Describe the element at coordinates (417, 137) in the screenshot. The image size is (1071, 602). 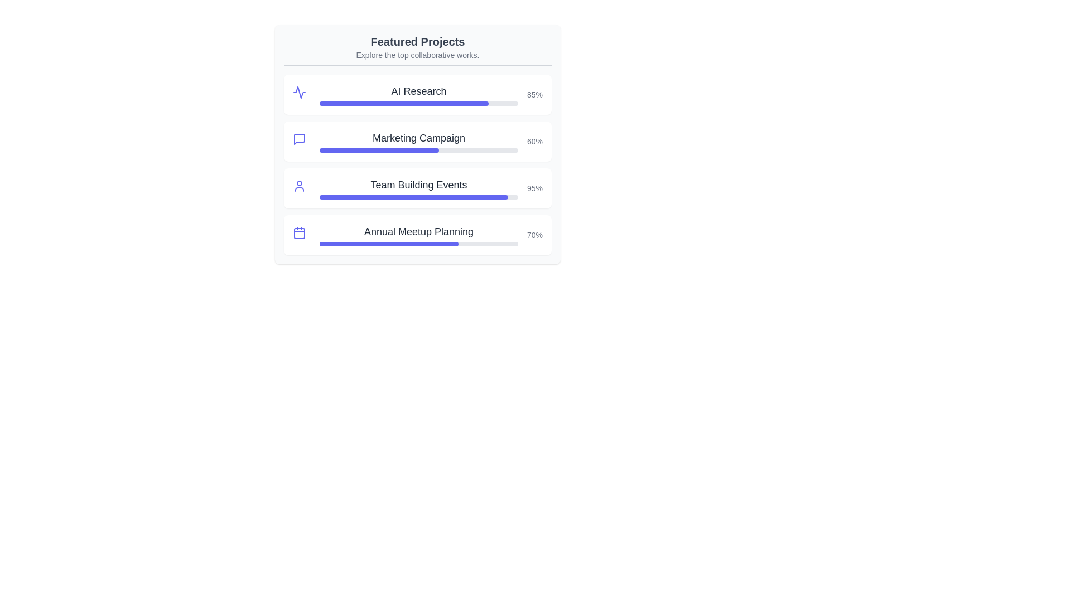
I see `the project titled Marketing Campaign` at that location.